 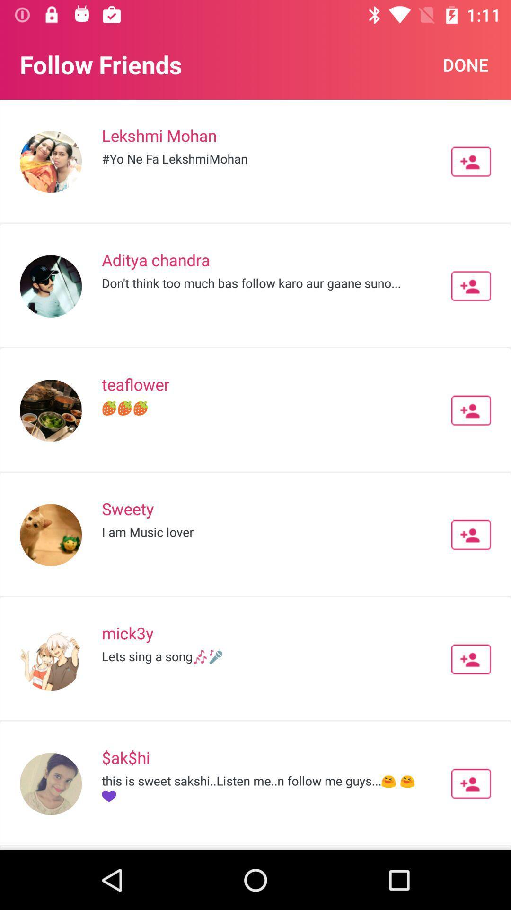 I want to click on person button, so click(x=471, y=659).